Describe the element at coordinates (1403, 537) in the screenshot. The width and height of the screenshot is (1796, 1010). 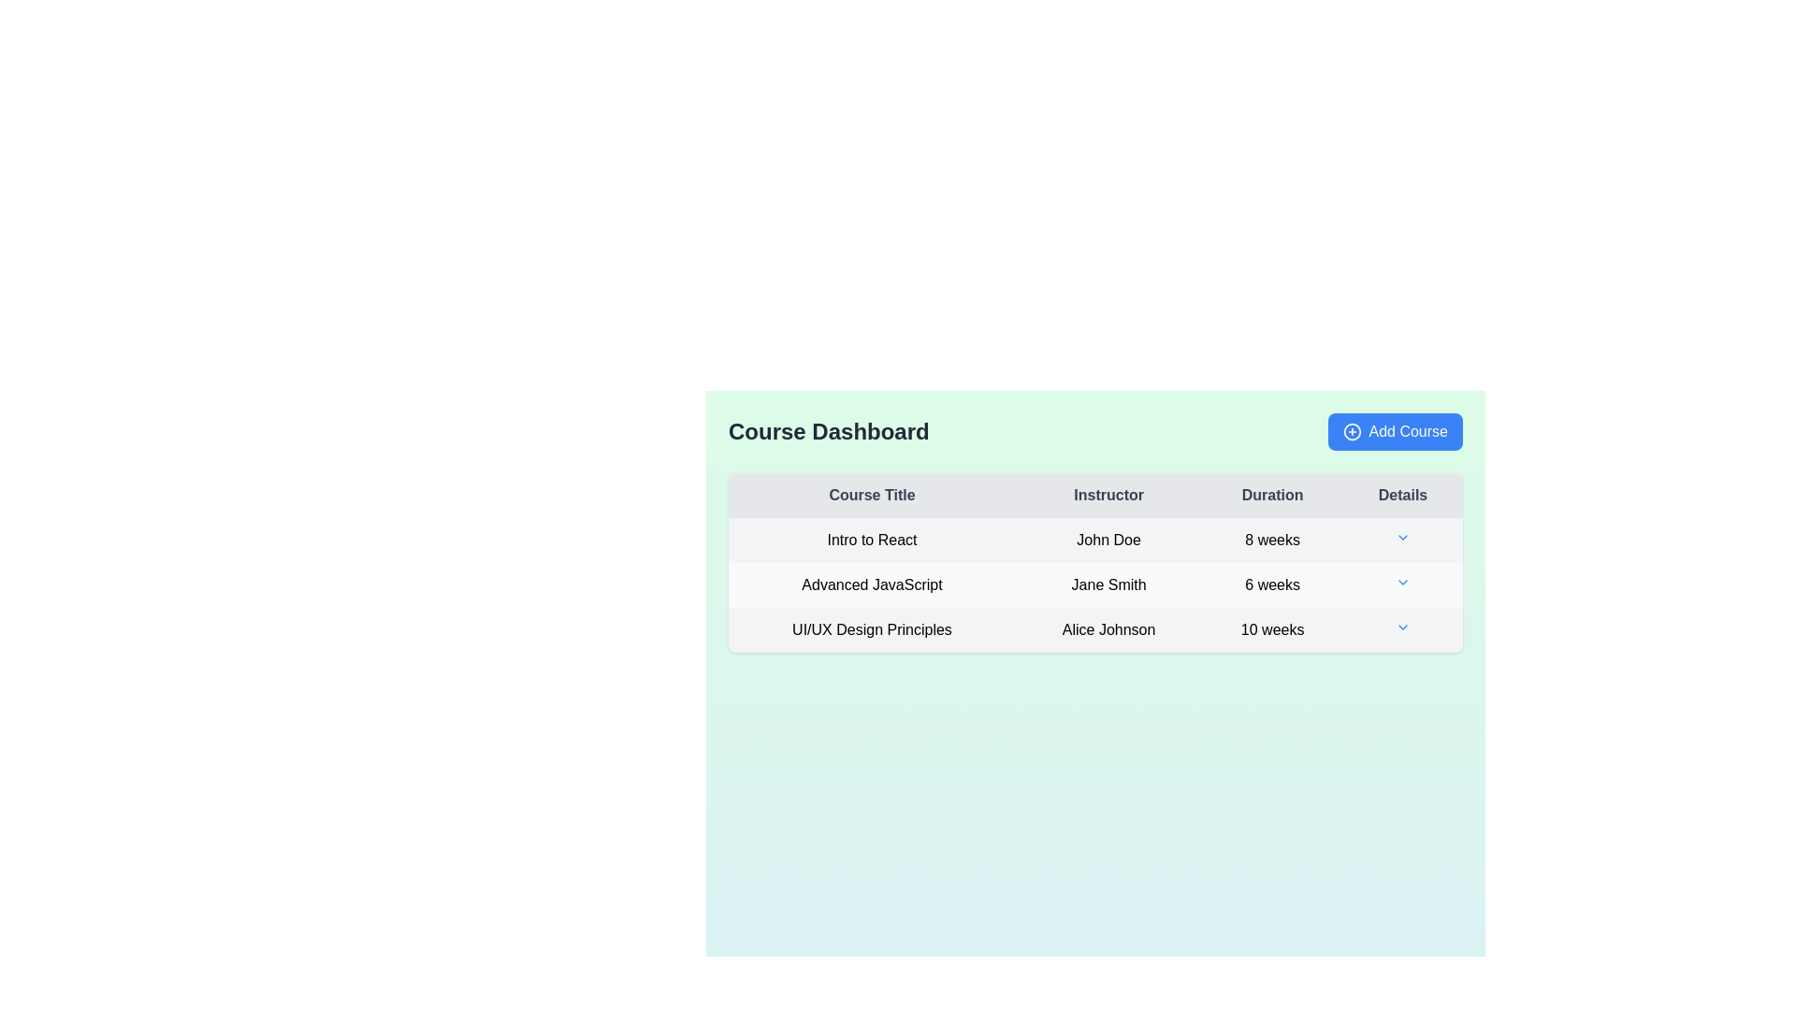
I see `the small downward-pointing chevron icon in the 'Details' column of the 'Intro to React' row` at that location.